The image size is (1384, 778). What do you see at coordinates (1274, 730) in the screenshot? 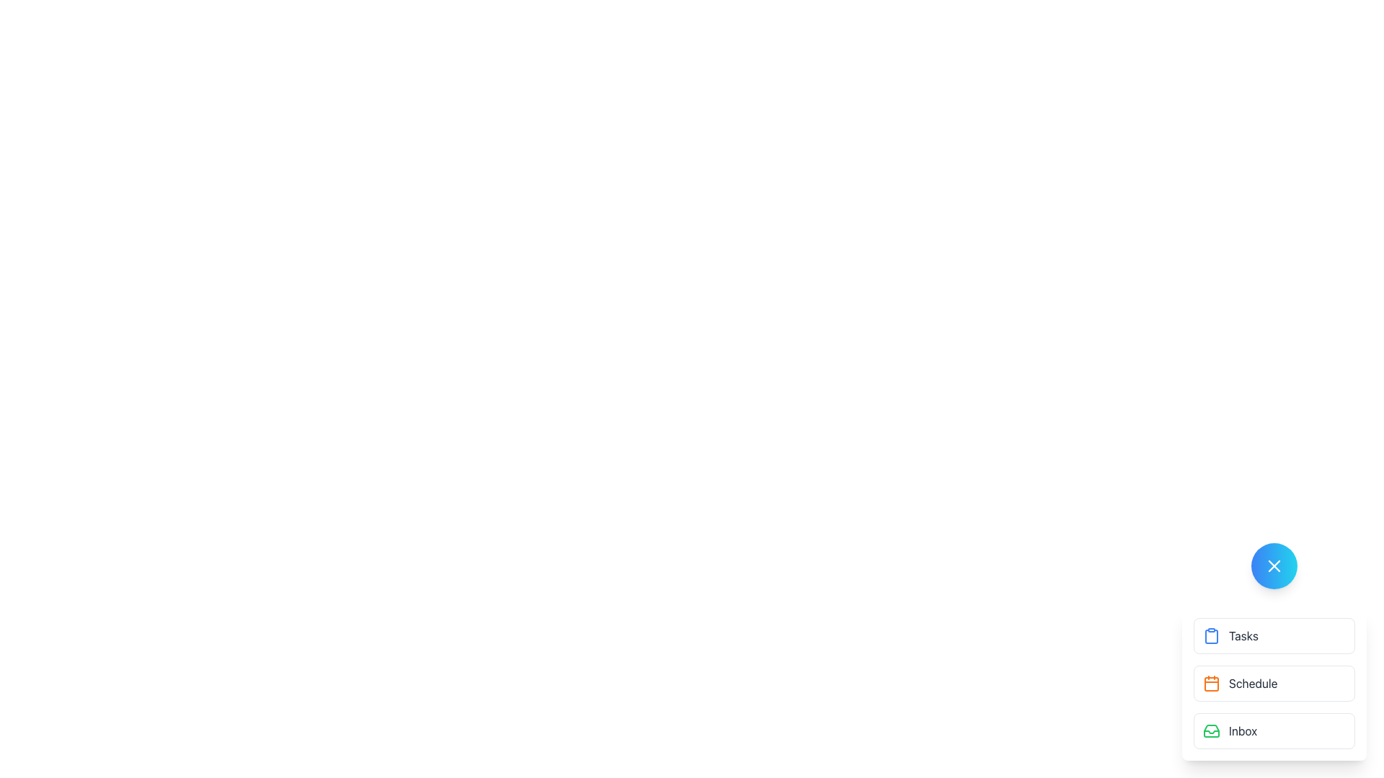
I see `the 'Inbox' menu item, which is the third item in the vertical menu list styled in green, located below 'Schedule'` at bounding box center [1274, 730].